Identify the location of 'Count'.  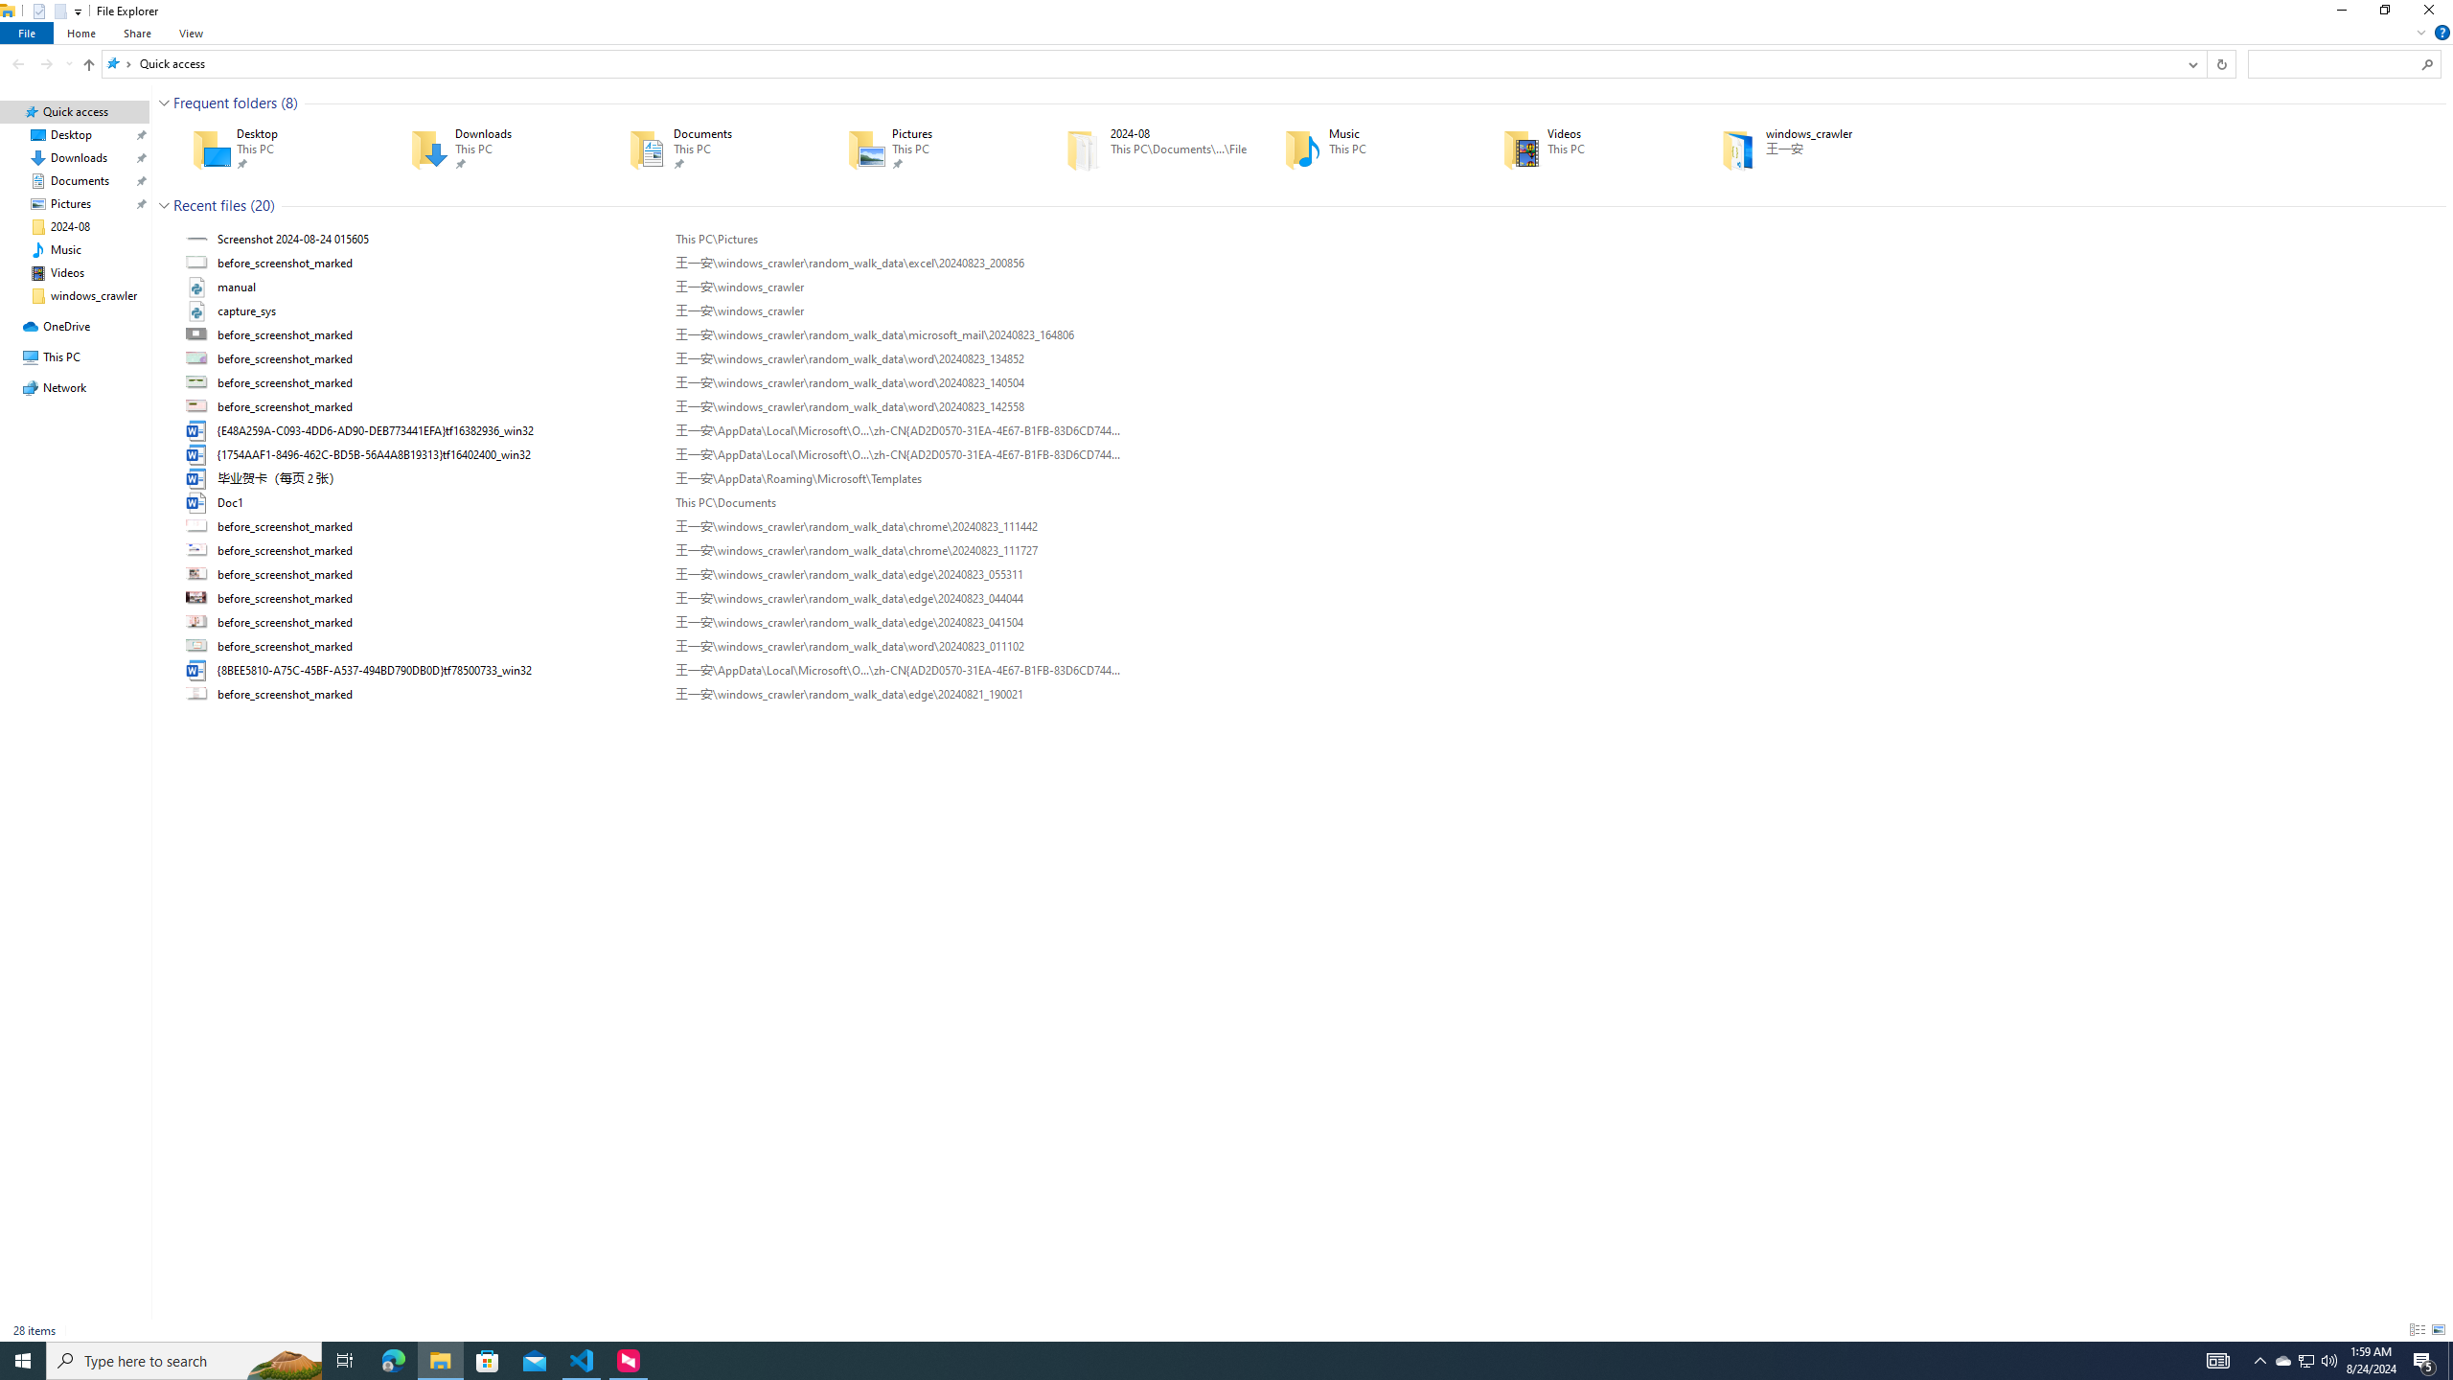
(262, 205).